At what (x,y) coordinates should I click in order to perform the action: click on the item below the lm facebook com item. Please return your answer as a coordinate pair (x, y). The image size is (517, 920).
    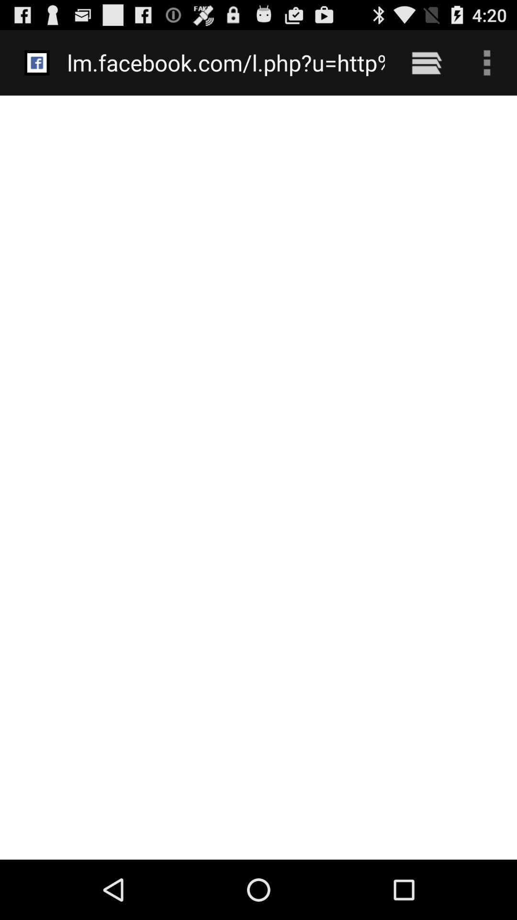
    Looking at the image, I should click on (258, 477).